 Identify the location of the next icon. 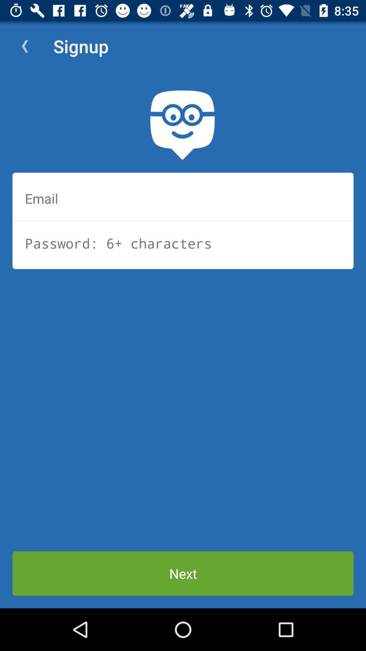
(183, 573).